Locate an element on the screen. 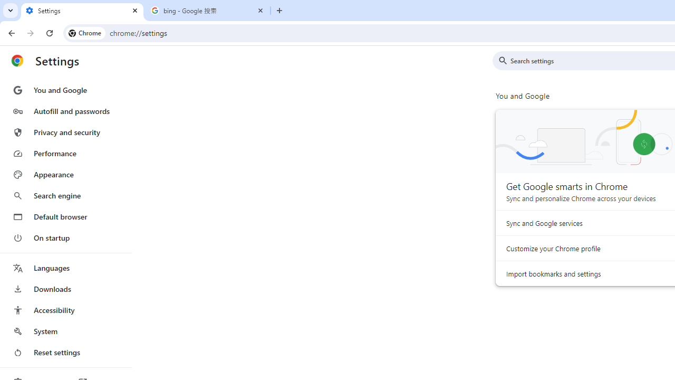 This screenshot has width=675, height=380. 'Reset settings' is located at coordinates (65, 353).